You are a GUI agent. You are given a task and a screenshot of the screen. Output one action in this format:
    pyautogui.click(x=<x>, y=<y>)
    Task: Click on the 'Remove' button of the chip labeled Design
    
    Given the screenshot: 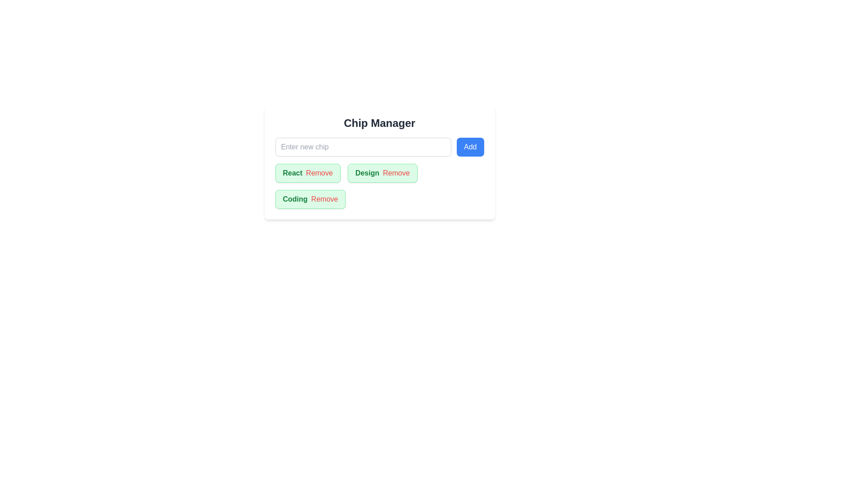 What is the action you would take?
    pyautogui.click(x=396, y=173)
    